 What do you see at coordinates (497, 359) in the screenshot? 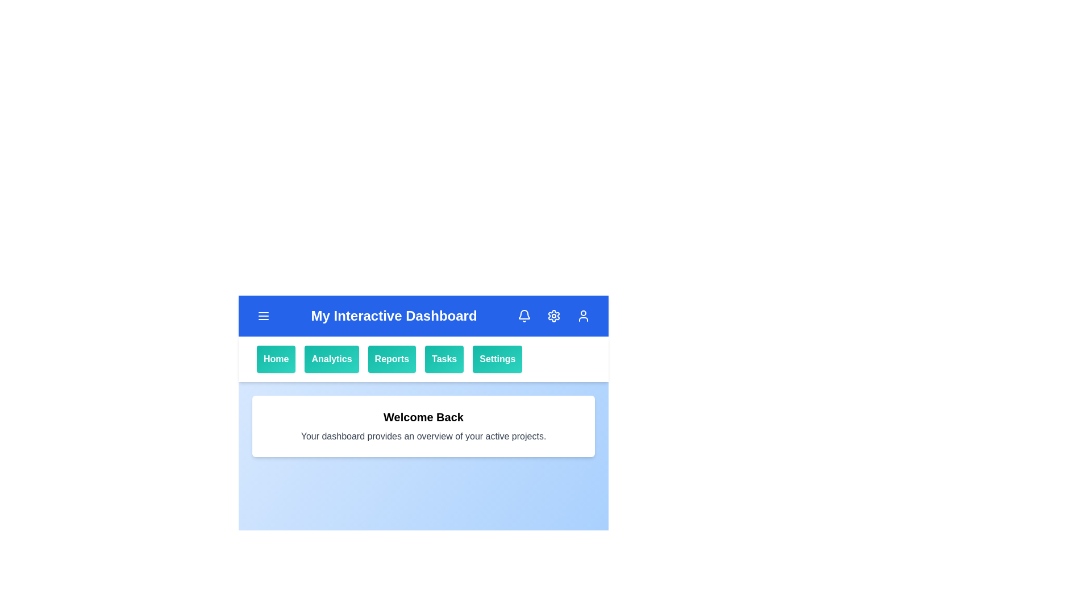
I see `the settings_button to observe the hover effect` at bounding box center [497, 359].